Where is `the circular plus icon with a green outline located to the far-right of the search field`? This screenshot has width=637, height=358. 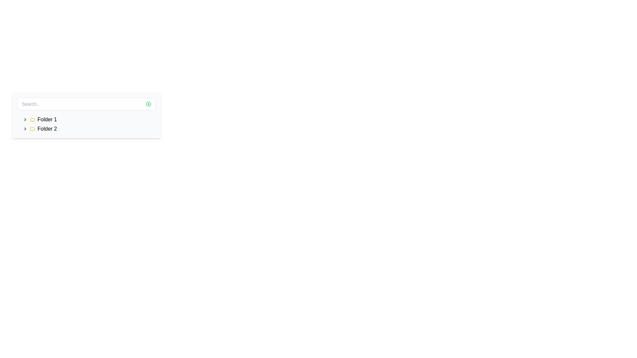
the circular plus icon with a green outline located to the far-right of the search field is located at coordinates (148, 104).